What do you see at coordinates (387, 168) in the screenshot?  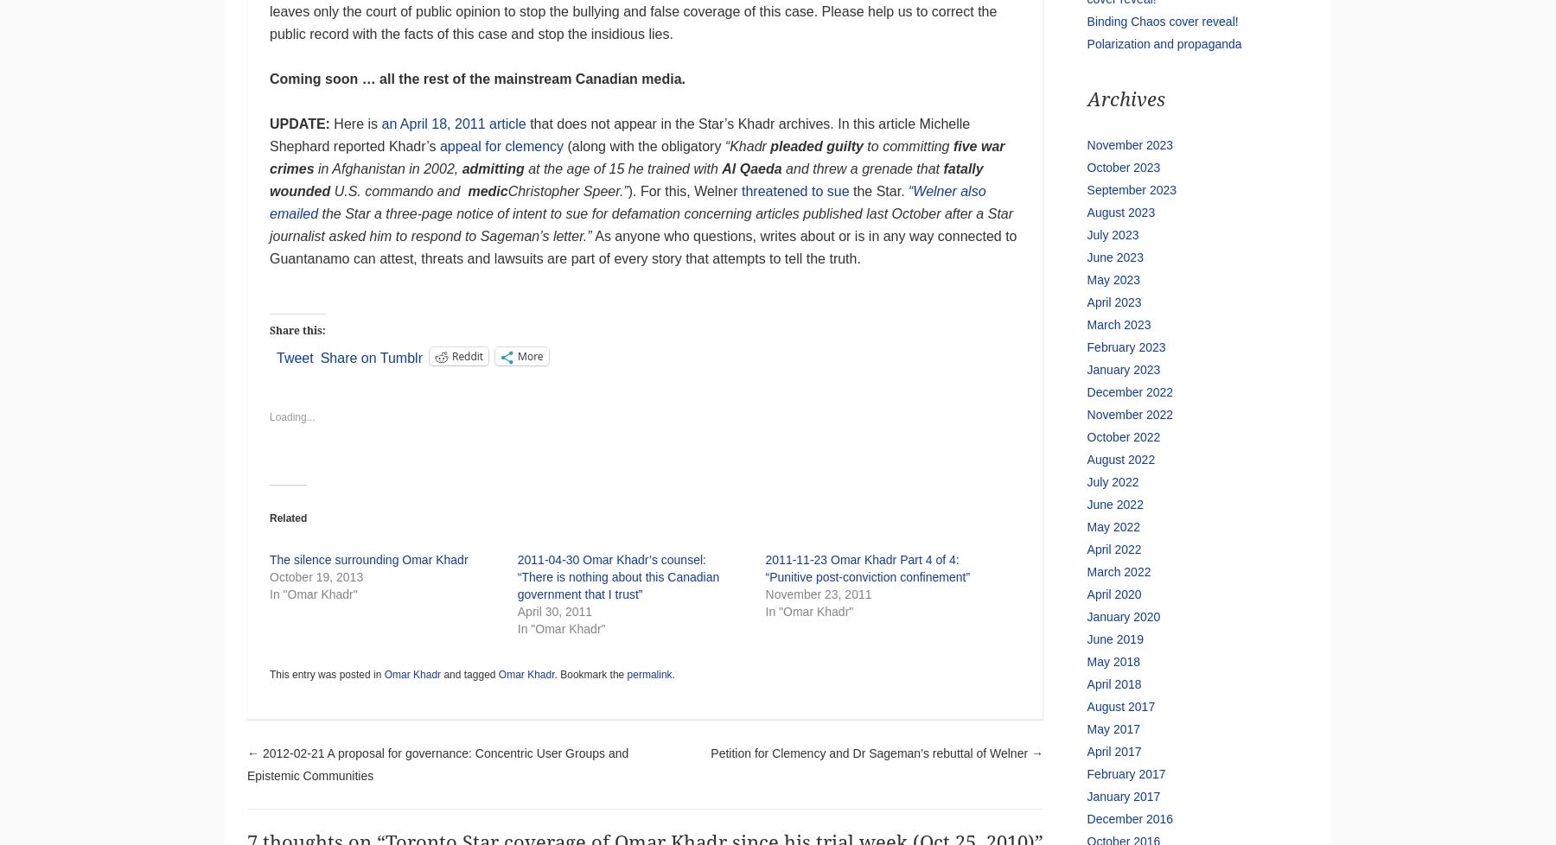 I see `'in Afghanistan in 2002,'` at bounding box center [387, 168].